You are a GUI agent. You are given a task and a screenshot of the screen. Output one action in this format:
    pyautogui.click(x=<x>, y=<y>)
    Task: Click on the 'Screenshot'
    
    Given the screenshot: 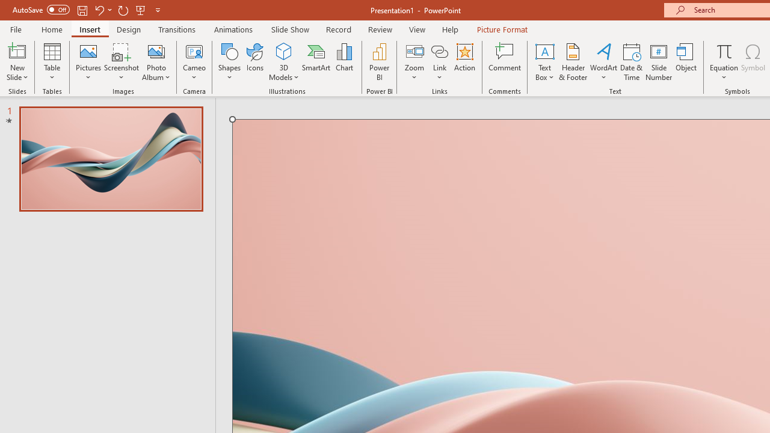 What is the action you would take?
    pyautogui.click(x=122, y=62)
    